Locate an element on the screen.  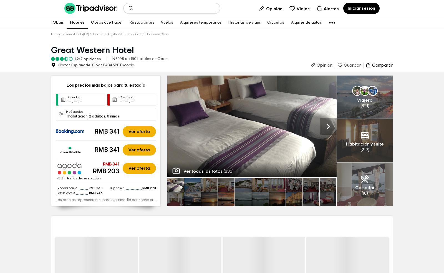
'Hoteles' is located at coordinates (70, 22).